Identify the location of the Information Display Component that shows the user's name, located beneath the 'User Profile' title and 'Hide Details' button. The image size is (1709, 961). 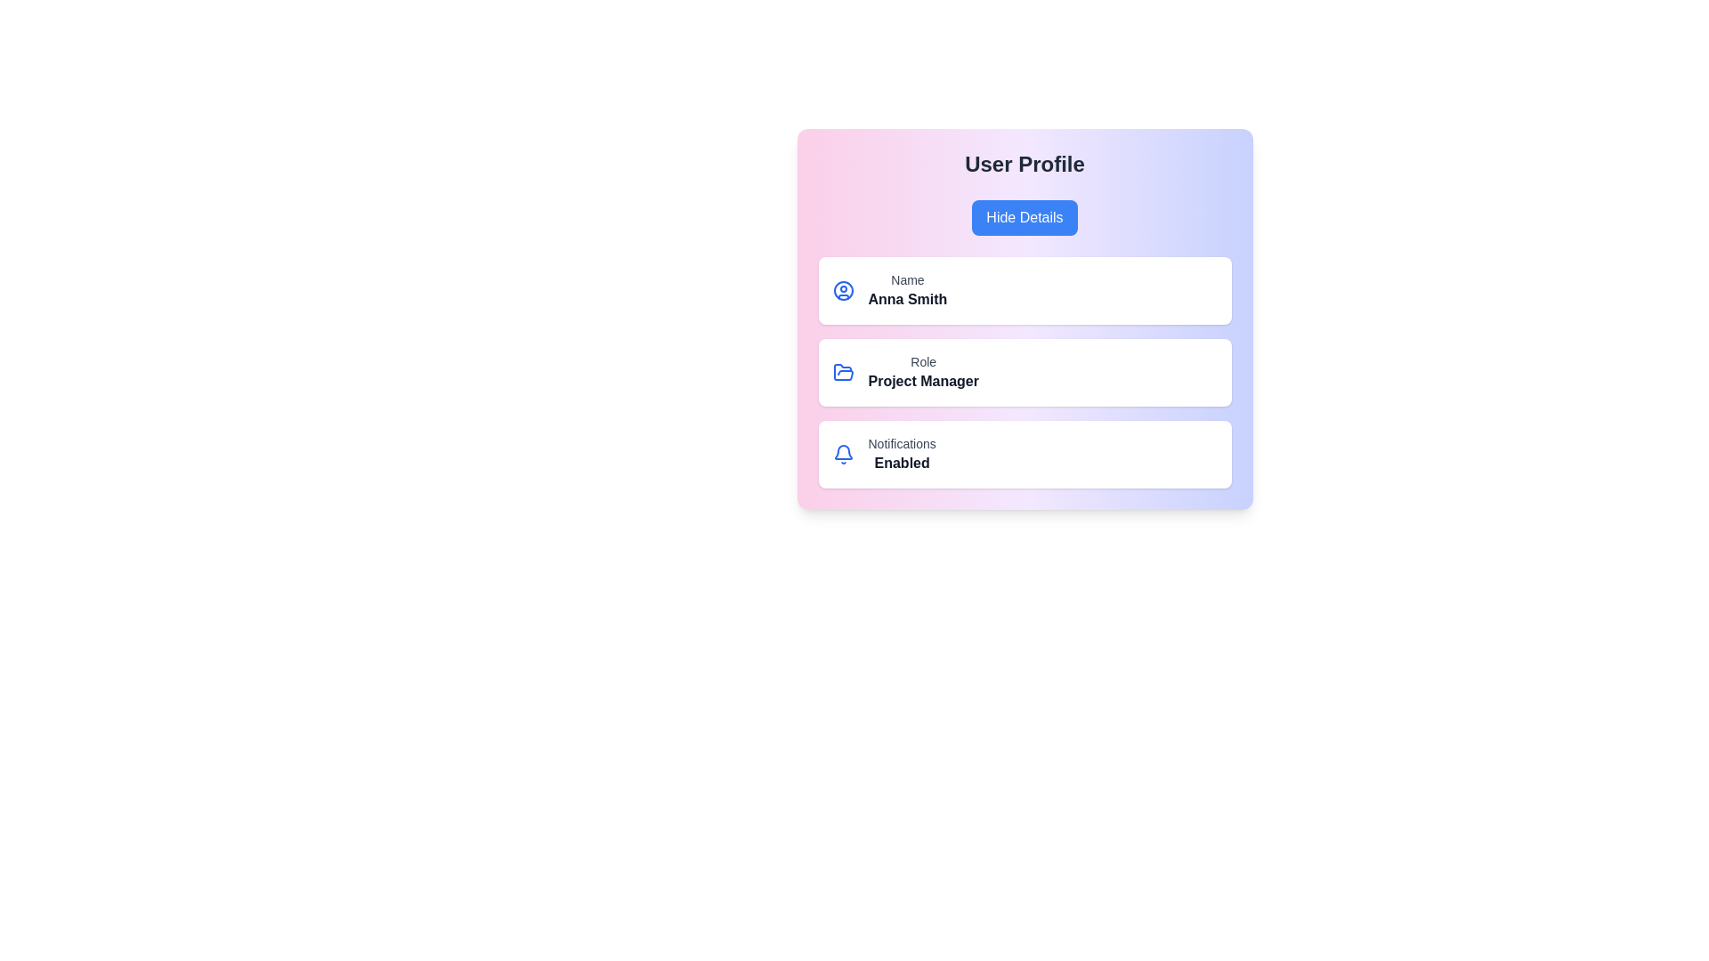
(1025, 290).